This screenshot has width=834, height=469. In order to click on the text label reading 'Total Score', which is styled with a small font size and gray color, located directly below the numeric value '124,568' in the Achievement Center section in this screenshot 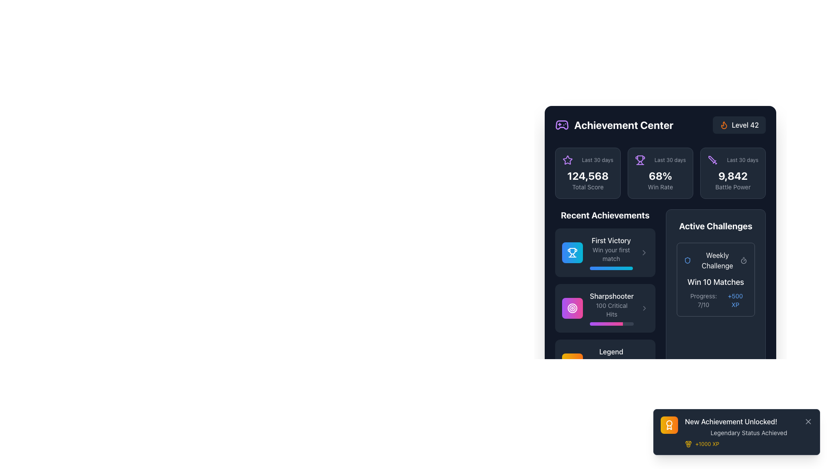, I will do `click(588, 187)`.